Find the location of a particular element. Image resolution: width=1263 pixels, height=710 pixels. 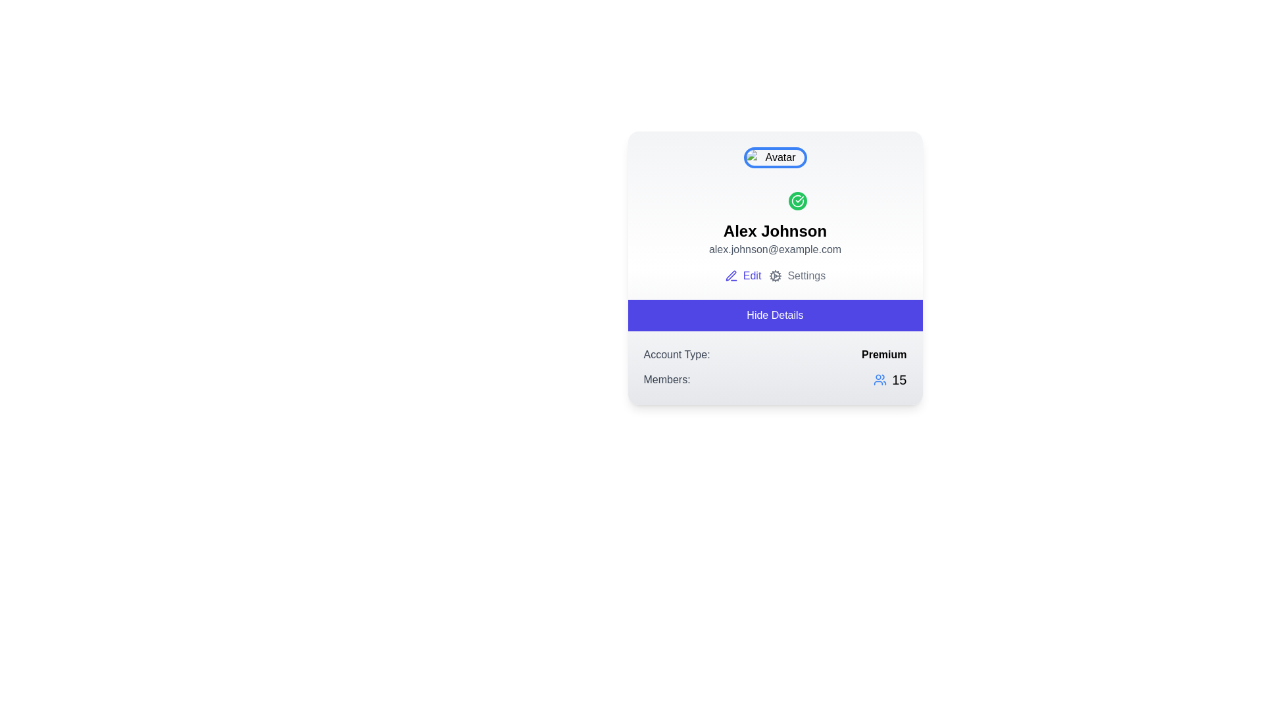

the static text label that provides context for the 'Premium' account status, located leftmost in the account information row below the 'Hide Details' button is located at coordinates (677, 355).